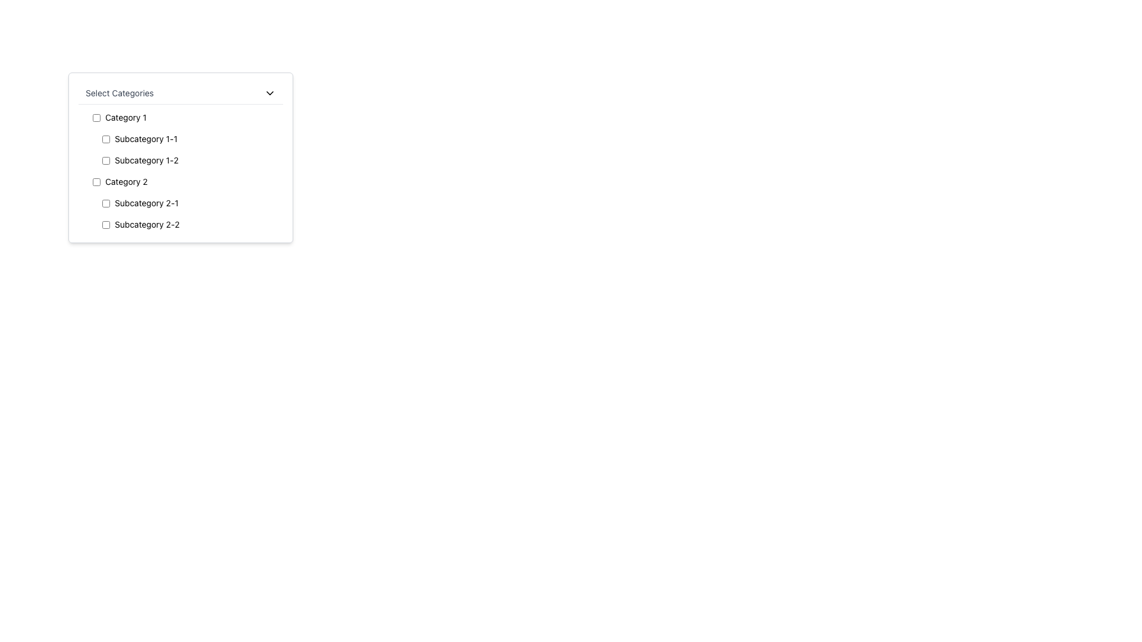 The width and height of the screenshot is (1142, 642). What do you see at coordinates (269, 93) in the screenshot?
I see `the icon located to the right of the 'Select Categories' label` at bounding box center [269, 93].